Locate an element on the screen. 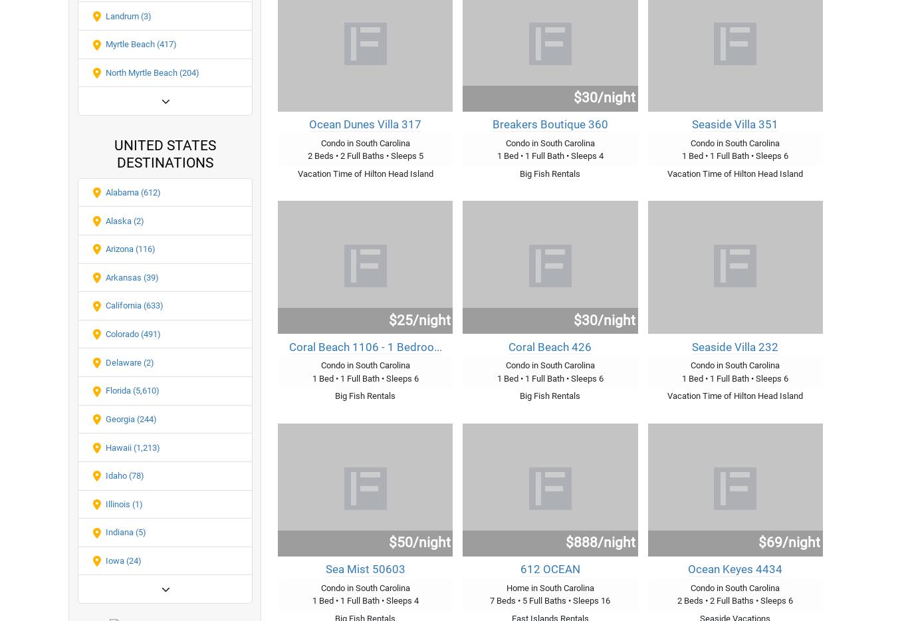  'About Find Rentals' is located at coordinates (378, 110).